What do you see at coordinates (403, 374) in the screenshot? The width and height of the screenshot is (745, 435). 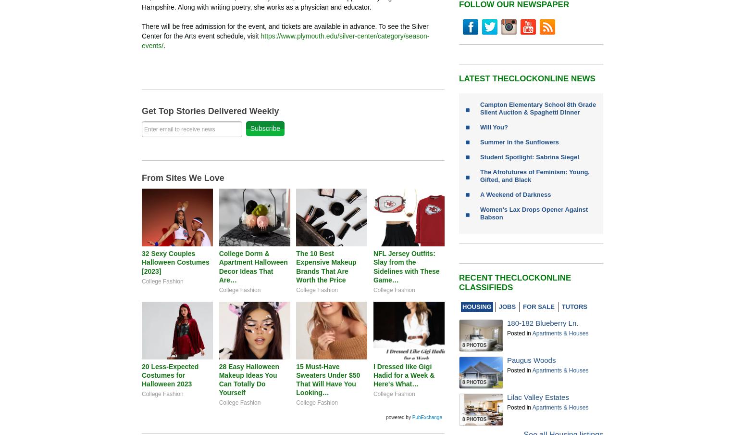 I see `'I Dressed like Gigi Hadid for a Week & Here's What…'` at bounding box center [403, 374].